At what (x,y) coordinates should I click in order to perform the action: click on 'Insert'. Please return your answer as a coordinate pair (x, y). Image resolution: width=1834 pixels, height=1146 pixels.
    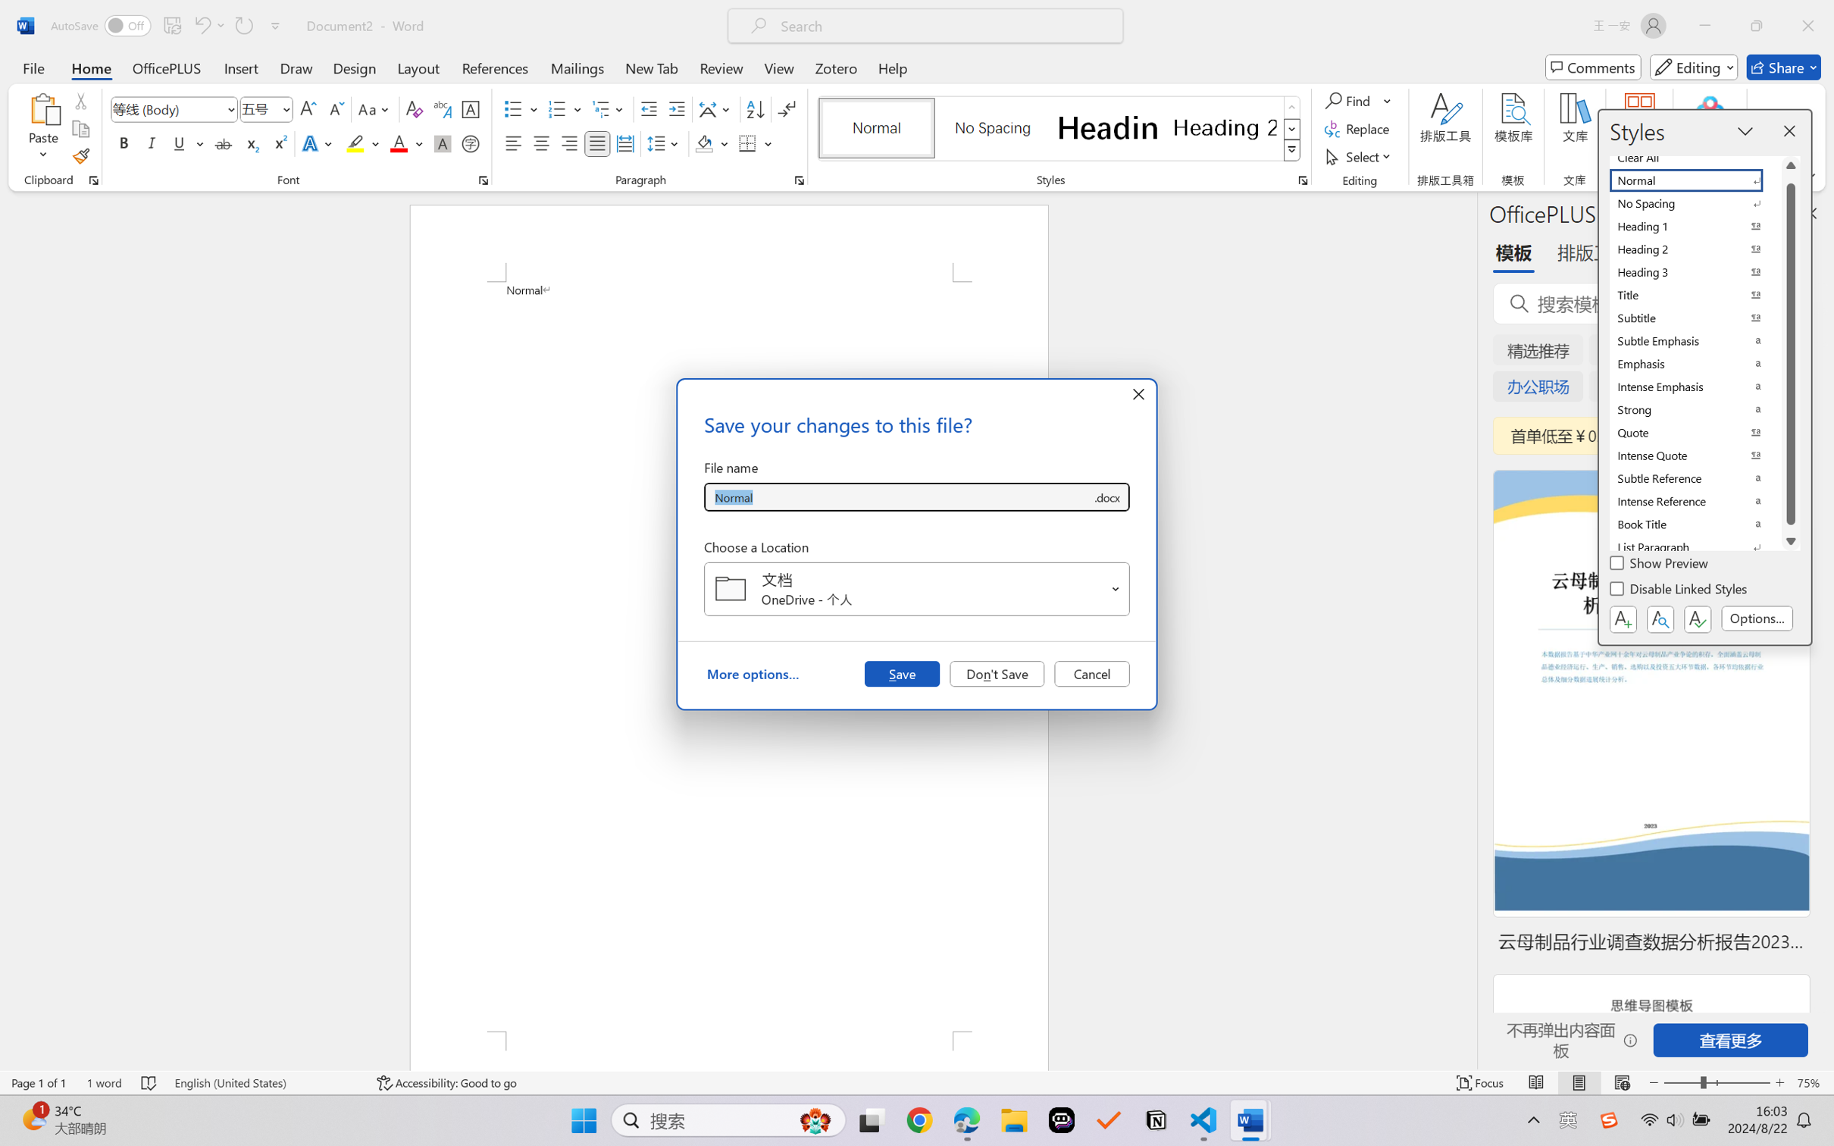
    Looking at the image, I should click on (240, 67).